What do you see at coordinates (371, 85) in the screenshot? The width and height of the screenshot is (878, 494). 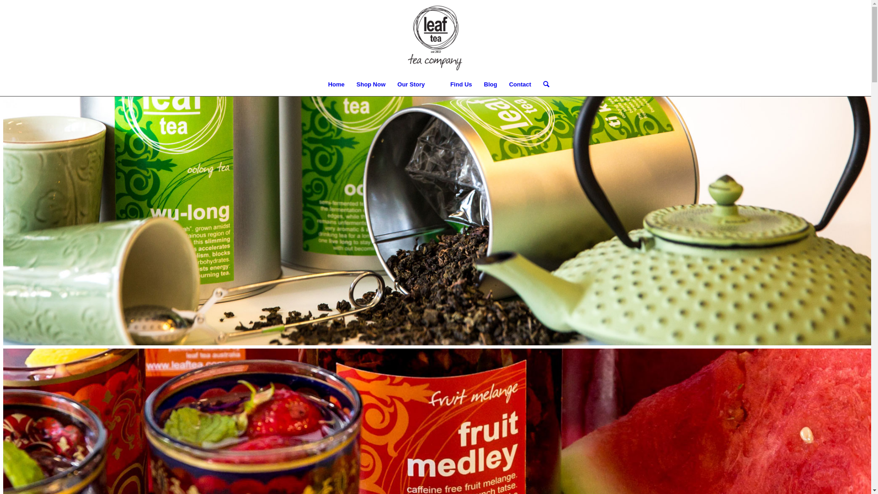 I see `'Shop Now'` at bounding box center [371, 85].